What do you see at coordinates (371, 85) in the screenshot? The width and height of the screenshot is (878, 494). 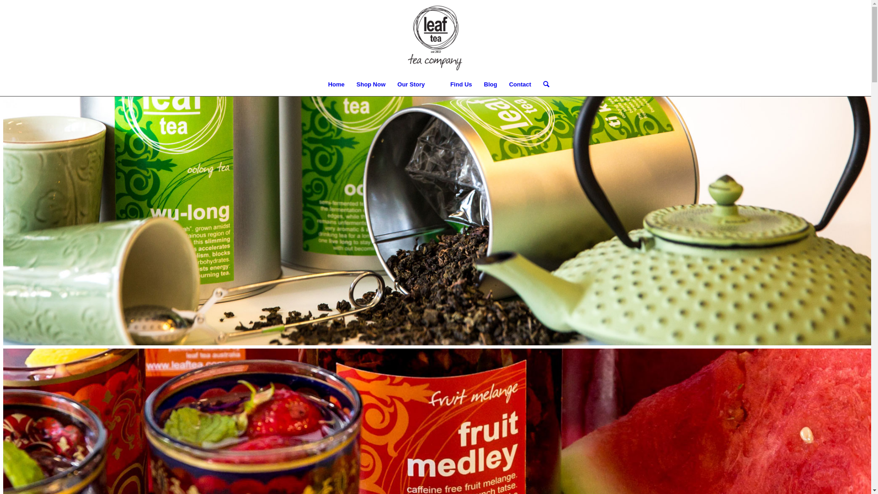 I see `'Shop Now'` at bounding box center [371, 85].